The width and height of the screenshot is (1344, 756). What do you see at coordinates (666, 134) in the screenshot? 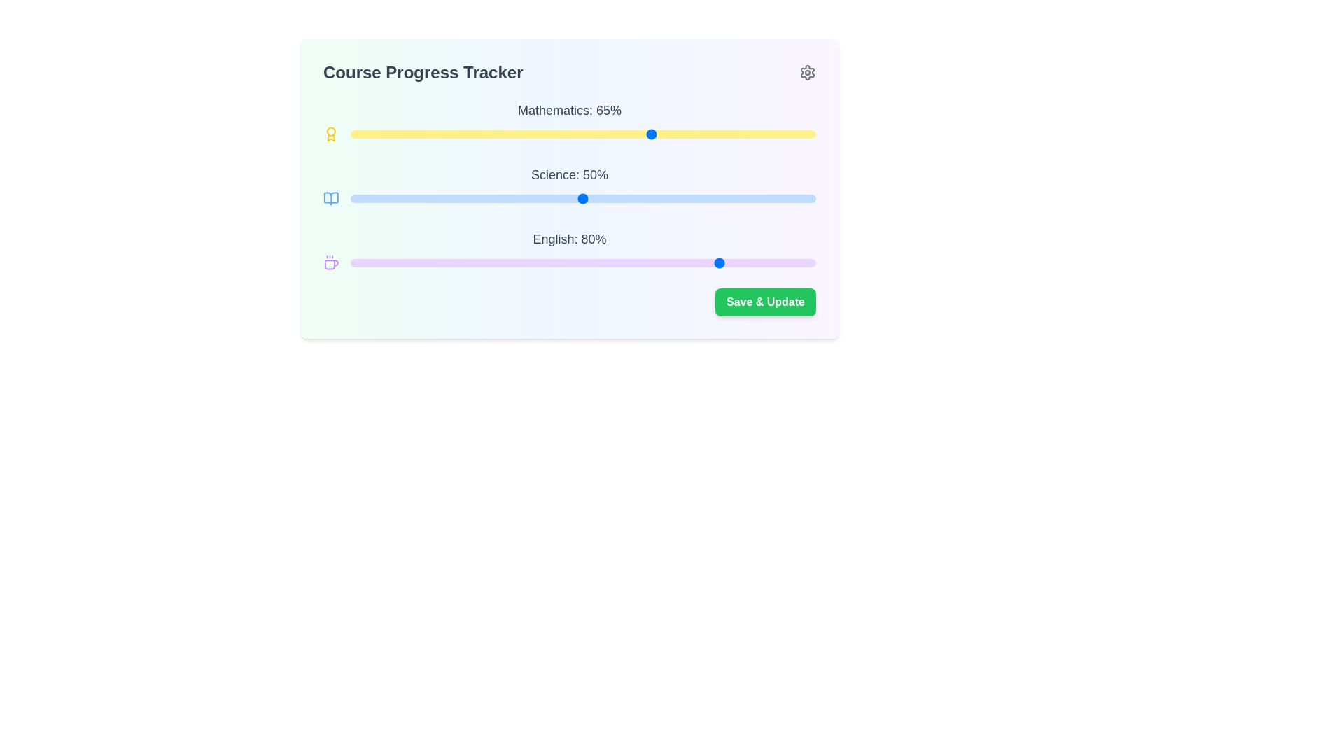
I see `the mathematics progress` at bounding box center [666, 134].